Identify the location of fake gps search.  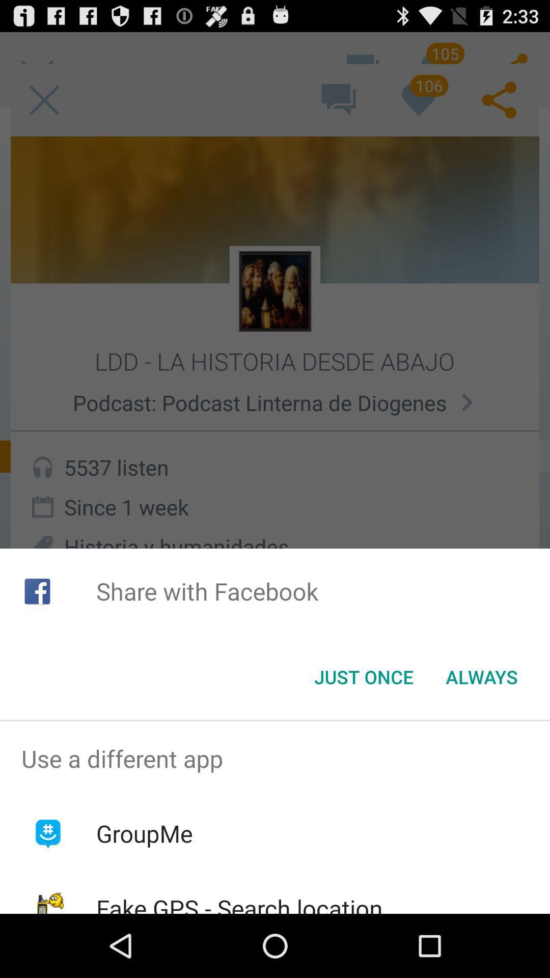
(239, 903).